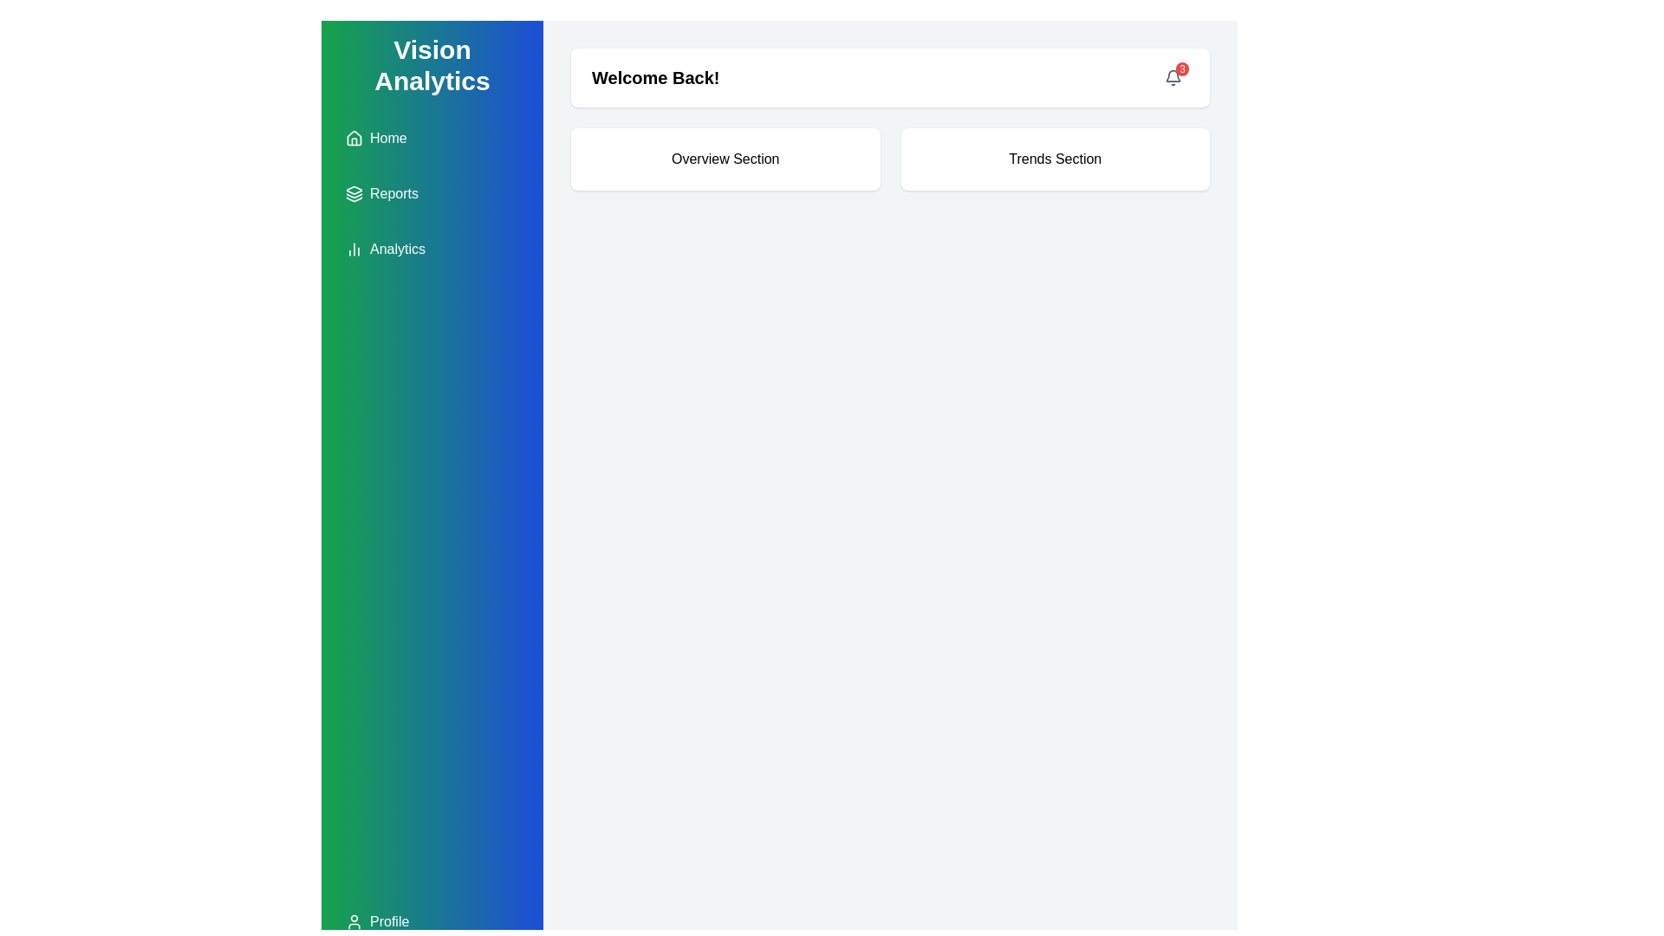 Image resolution: width=1664 pixels, height=936 pixels. I want to click on the notification count displayed on the small circular badge with a red background and white text showing the number '3', located at the top-right corner of the notification bell icon, so click(1181, 68).